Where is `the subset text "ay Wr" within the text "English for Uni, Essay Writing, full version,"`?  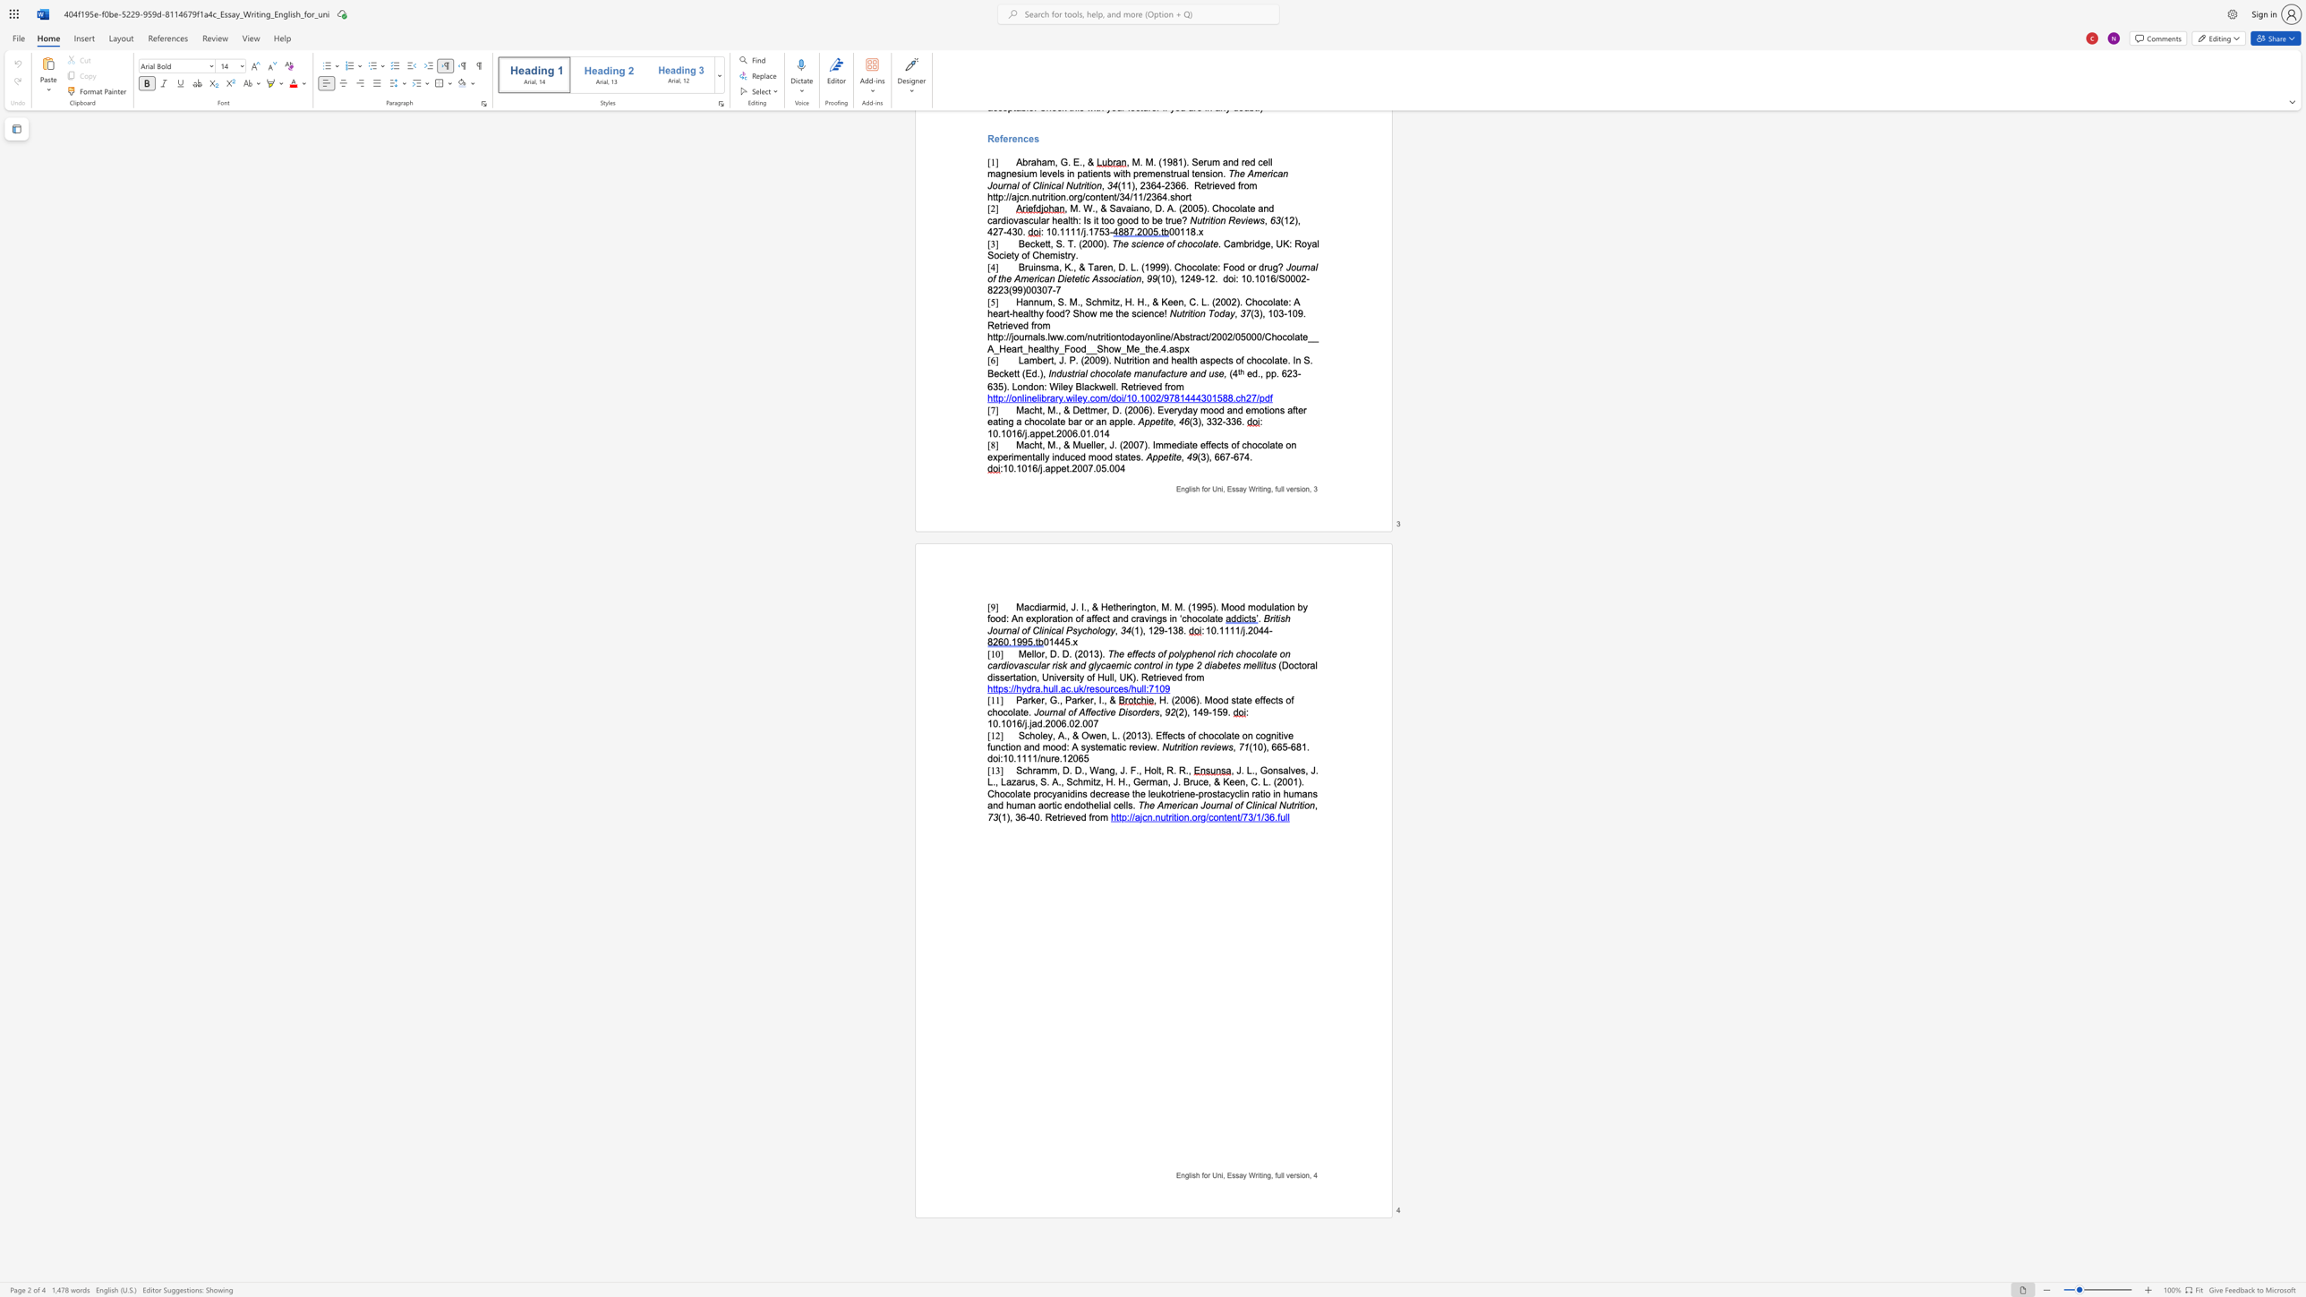
the subset text "ay Wr" within the text "English for Uni, Essay Writing, full version," is located at coordinates (1238, 1175).